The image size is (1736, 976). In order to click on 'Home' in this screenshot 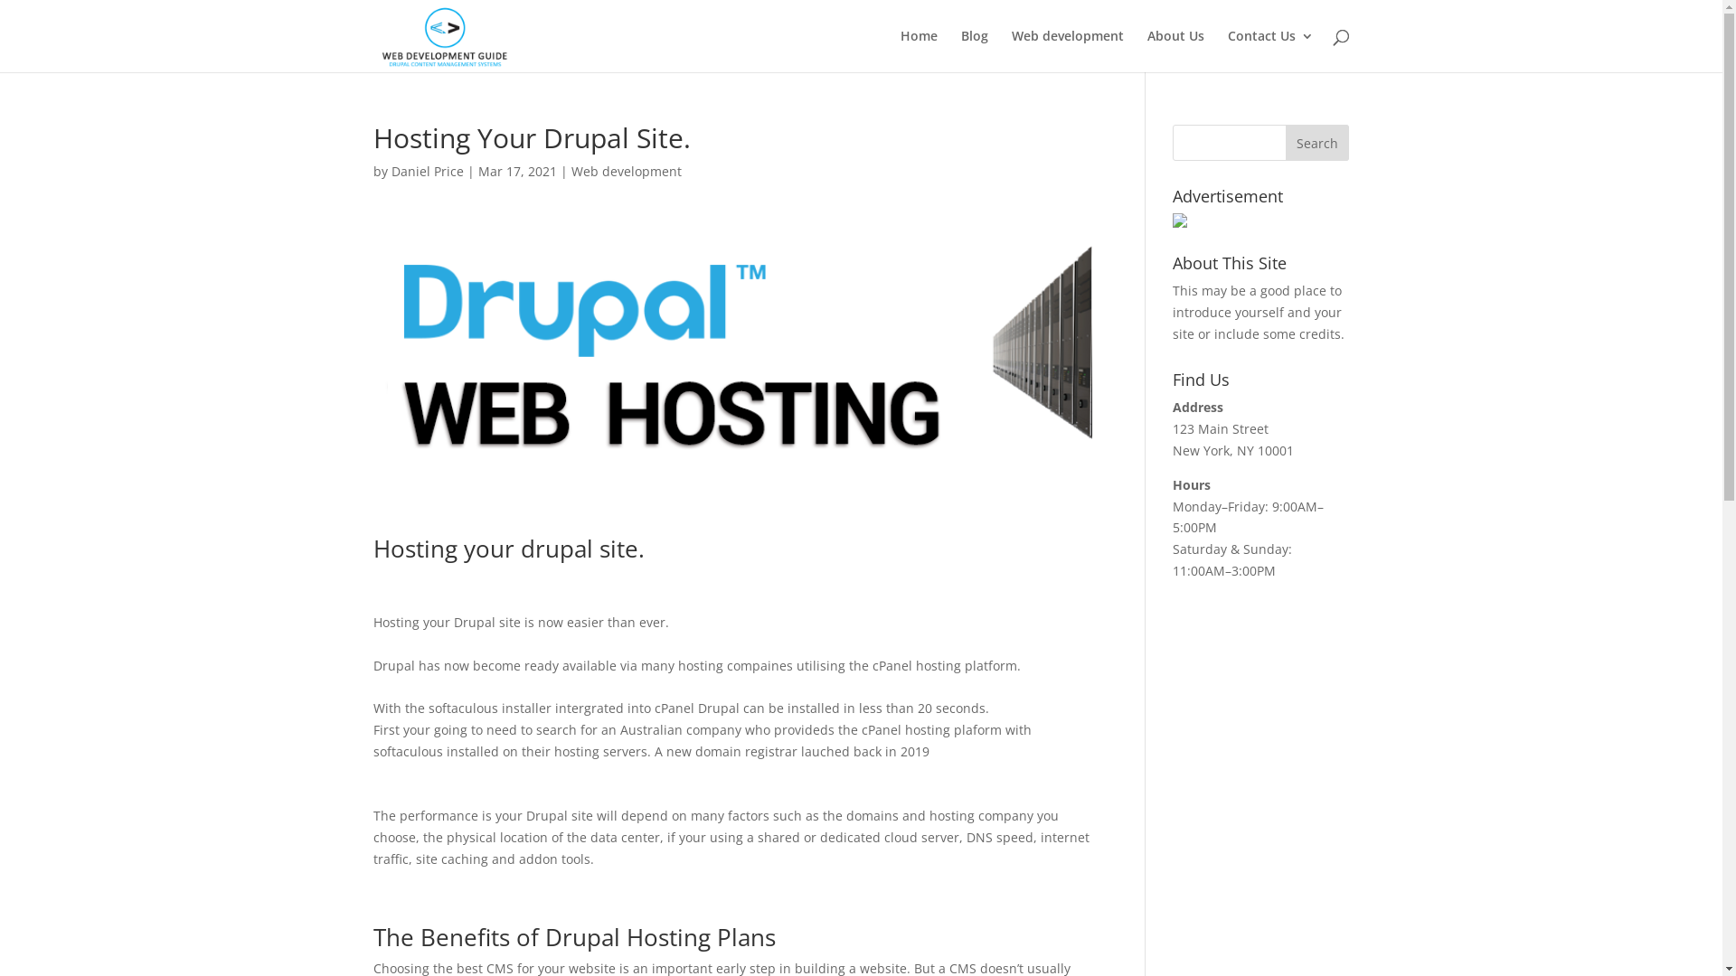, I will do `click(919, 50)`.